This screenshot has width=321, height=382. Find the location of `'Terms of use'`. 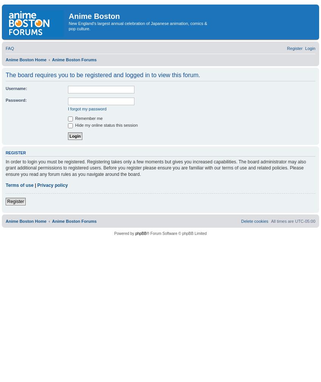

'Terms of use' is located at coordinates (5, 185).